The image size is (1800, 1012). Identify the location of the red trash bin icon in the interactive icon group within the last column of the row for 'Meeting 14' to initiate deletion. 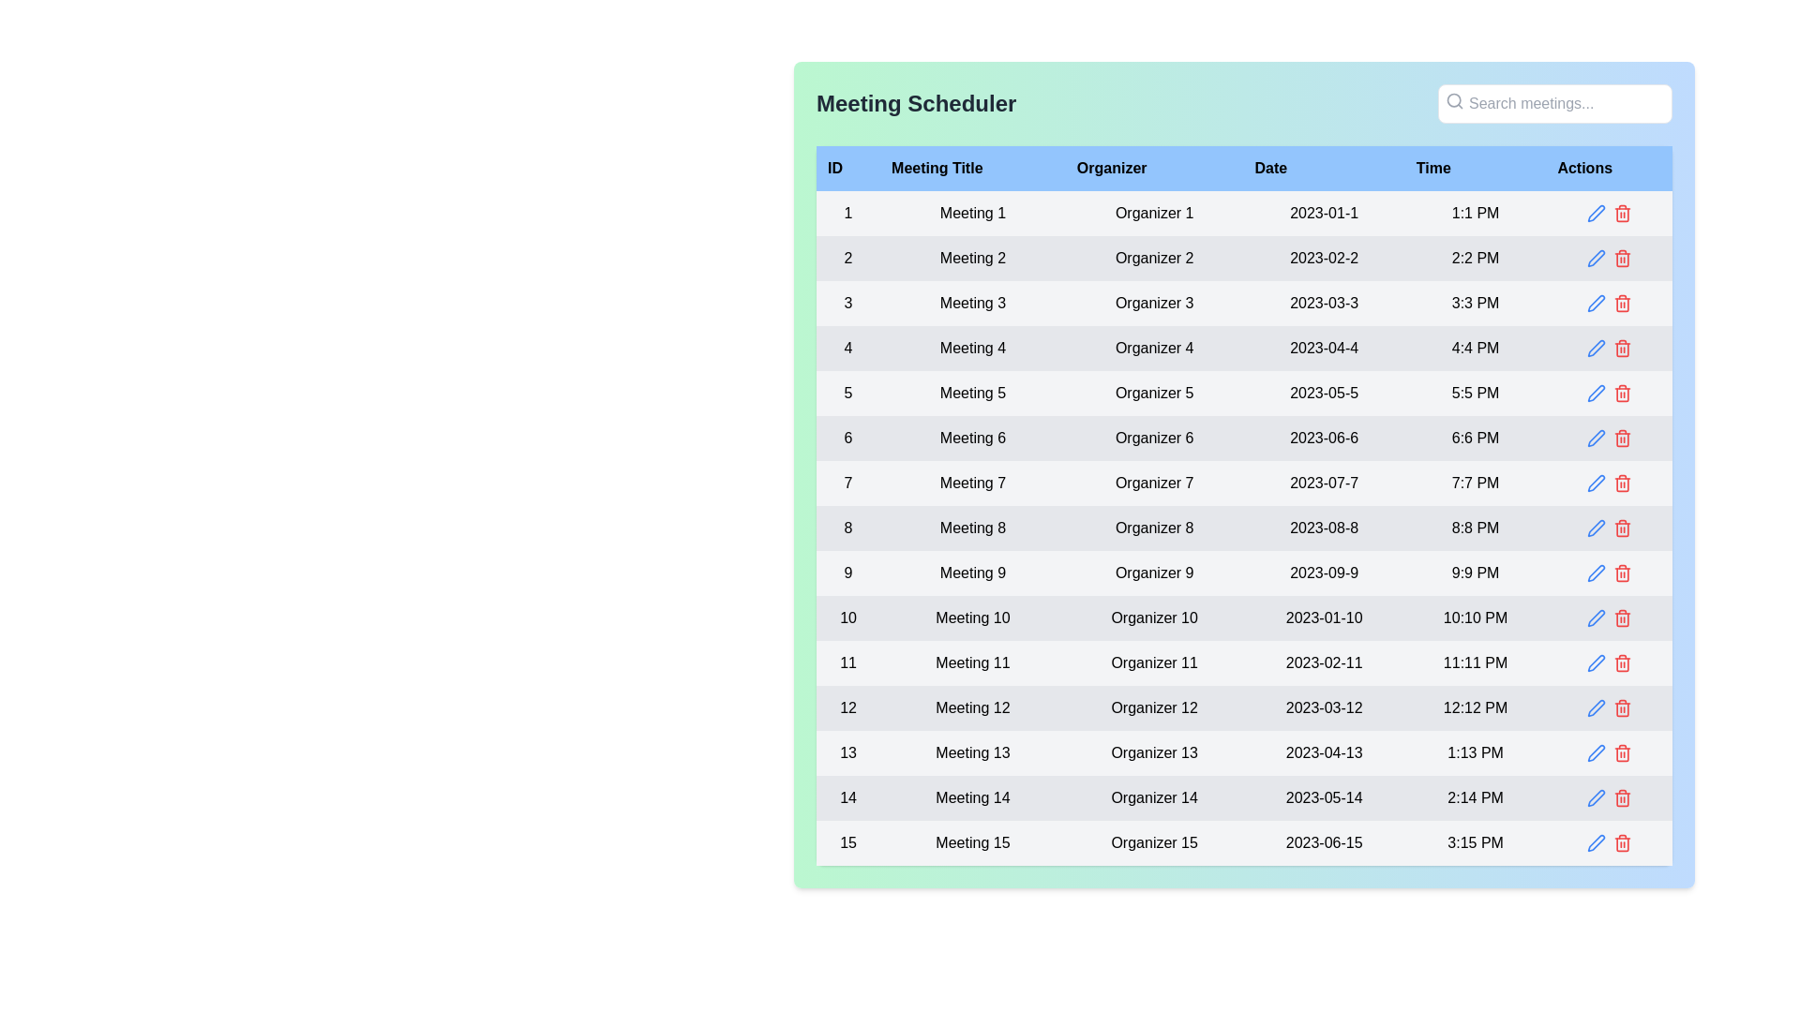
(1608, 798).